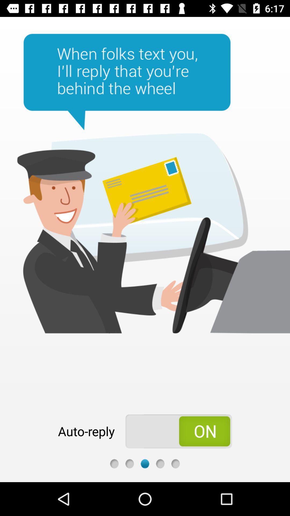 This screenshot has height=516, width=290. I want to click on the app next to the auto-reply, so click(179, 431).